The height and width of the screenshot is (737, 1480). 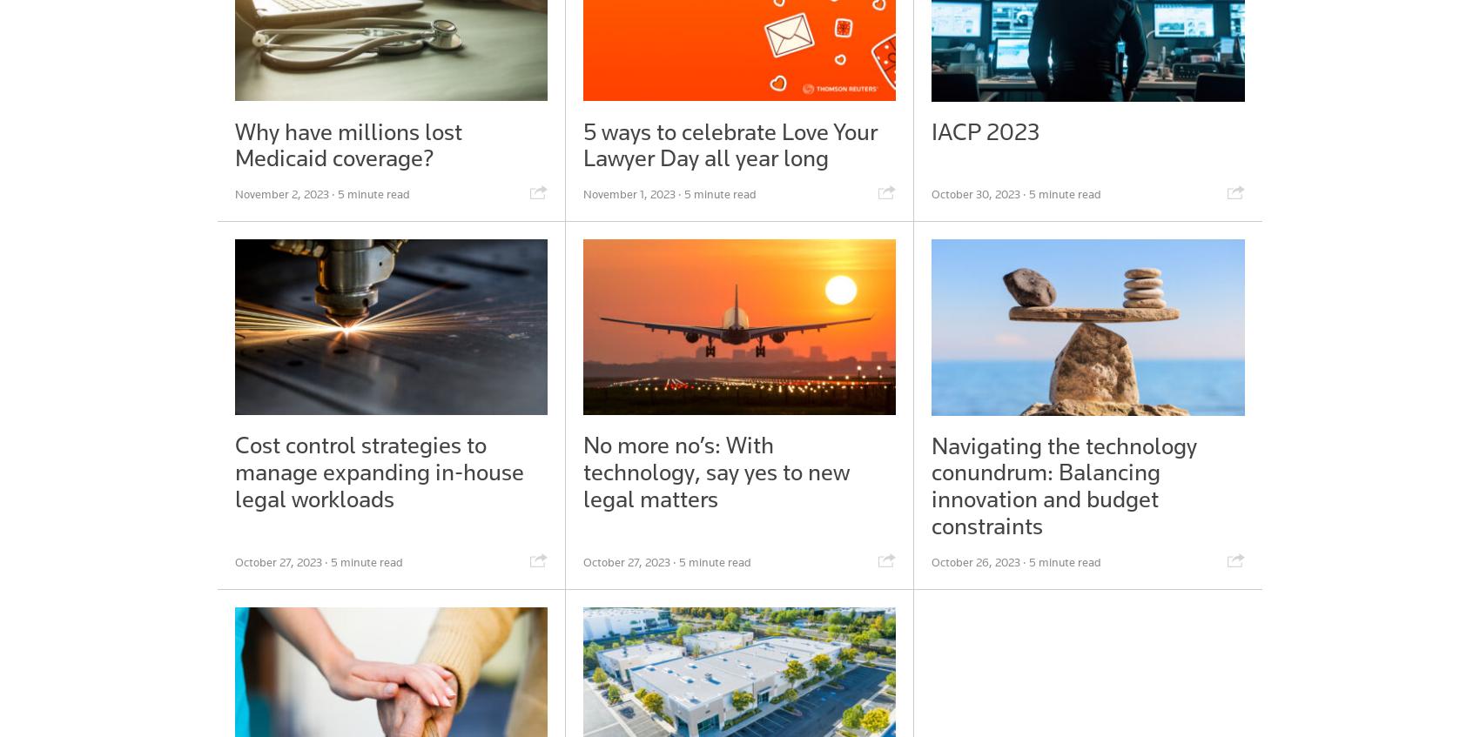 What do you see at coordinates (930, 560) in the screenshot?
I see `'October 26, 2023'` at bounding box center [930, 560].